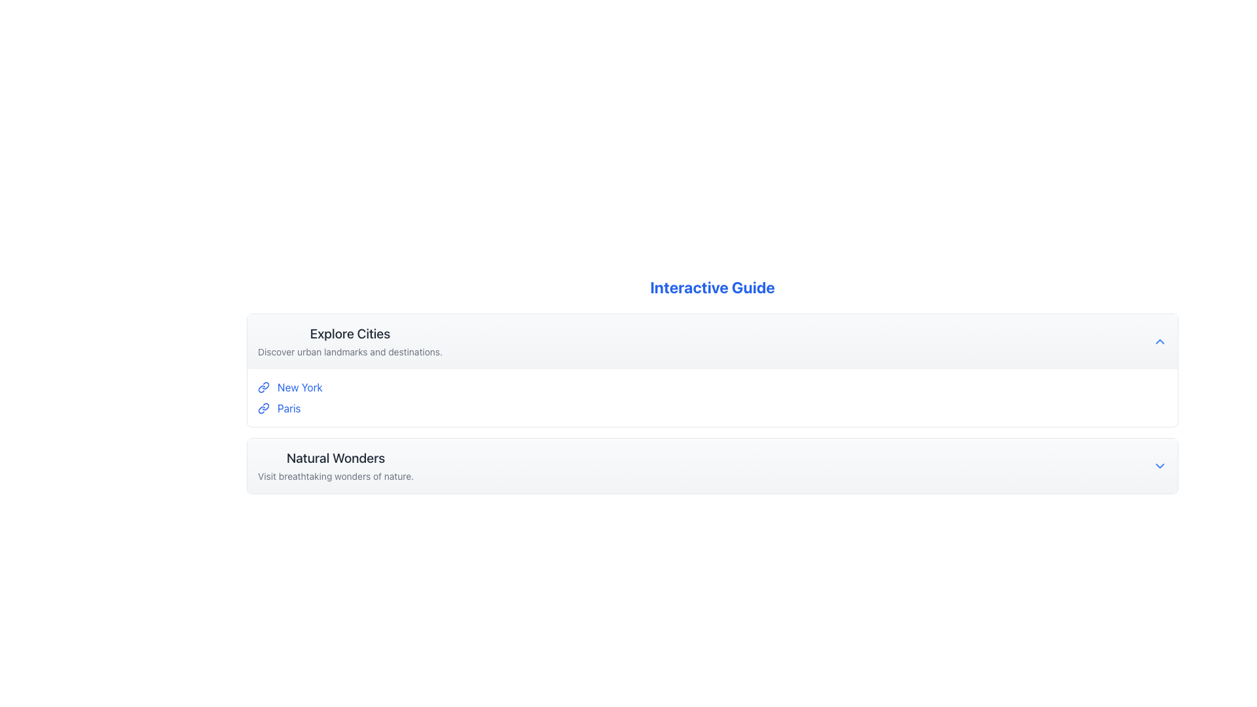 This screenshot has height=707, width=1257. Describe the element at coordinates (263, 386) in the screenshot. I see `the hyperlink icon located to the left of the 'New York' text link in the 'Explore Cities' section` at that location.